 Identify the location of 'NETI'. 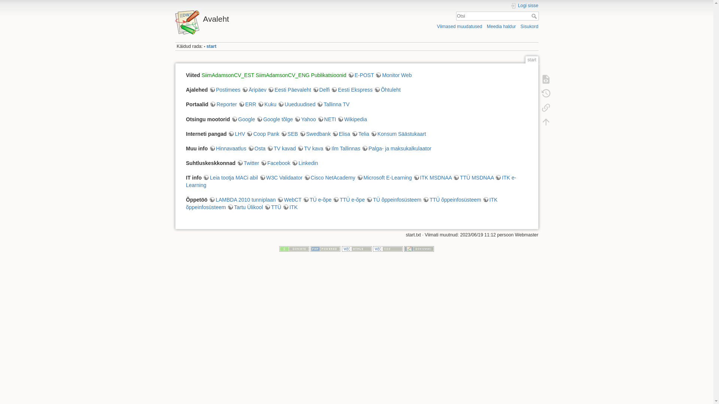
(327, 119).